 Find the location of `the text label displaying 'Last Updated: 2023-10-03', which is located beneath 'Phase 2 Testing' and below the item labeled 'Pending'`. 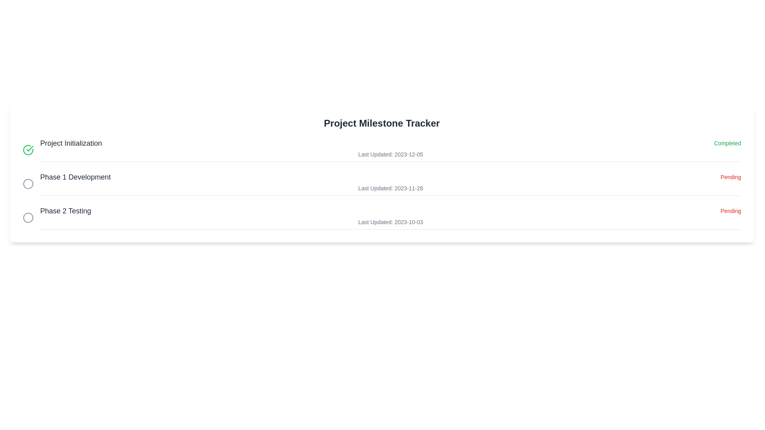

the text label displaying 'Last Updated: 2023-10-03', which is located beneath 'Phase 2 Testing' and below the item labeled 'Pending' is located at coordinates (390, 222).